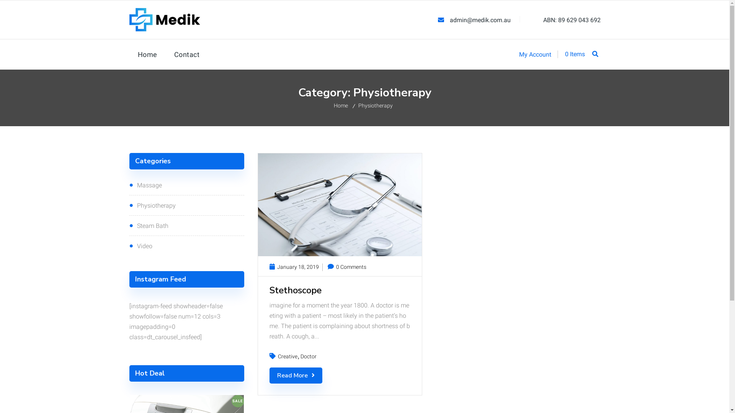  Describe the element at coordinates (186, 54) in the screenshot. I see `'Contact'` at that location.